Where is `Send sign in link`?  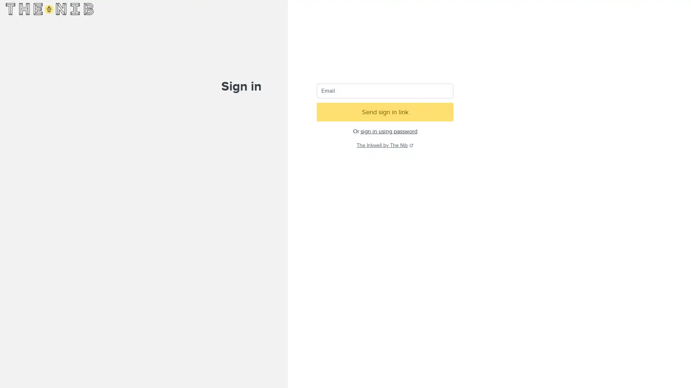
Send sign in link is located at coordinates (385, 112).